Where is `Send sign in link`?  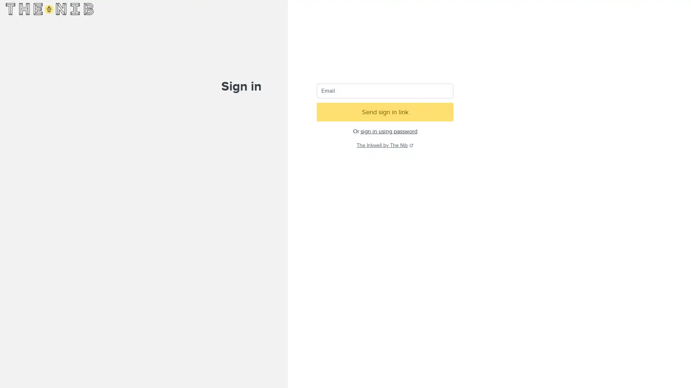
Send sign in link is located at coordinates (385, 112).